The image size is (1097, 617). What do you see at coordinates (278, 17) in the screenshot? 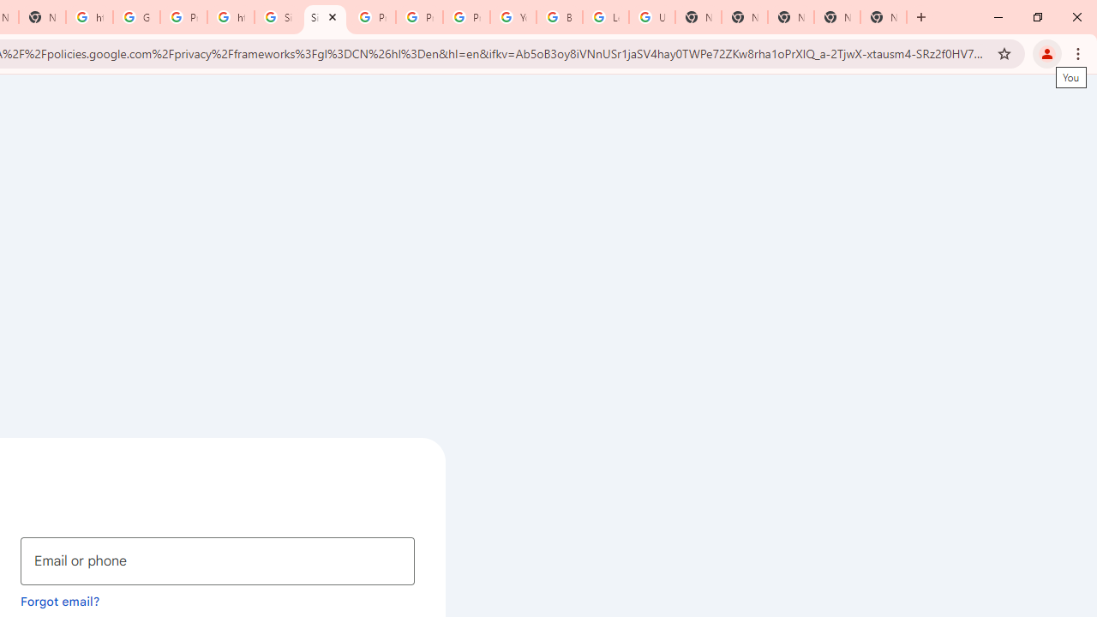
I see `'Sign in - Google Accounts'` at bounding box center [278, 17].